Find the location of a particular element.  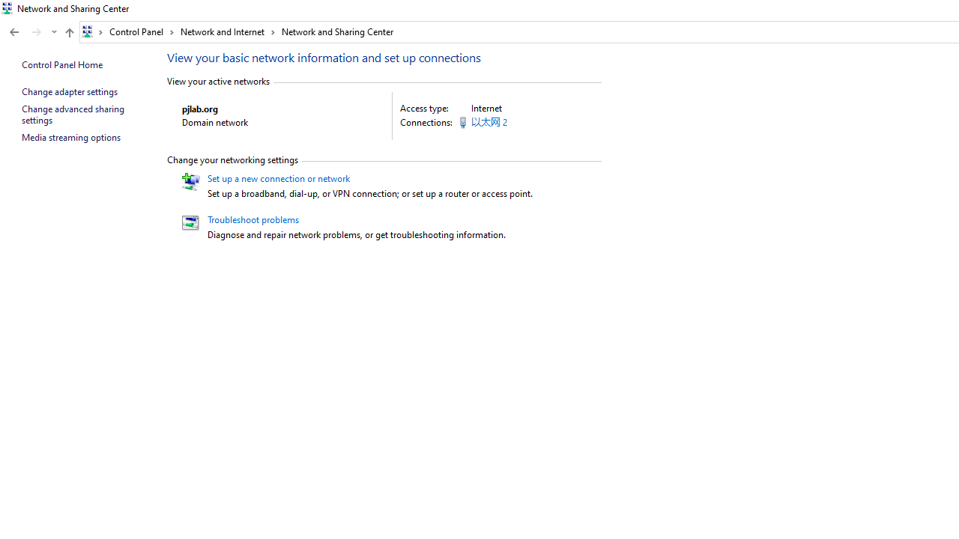

'Control Panel' is located at coordinates (142, 31).